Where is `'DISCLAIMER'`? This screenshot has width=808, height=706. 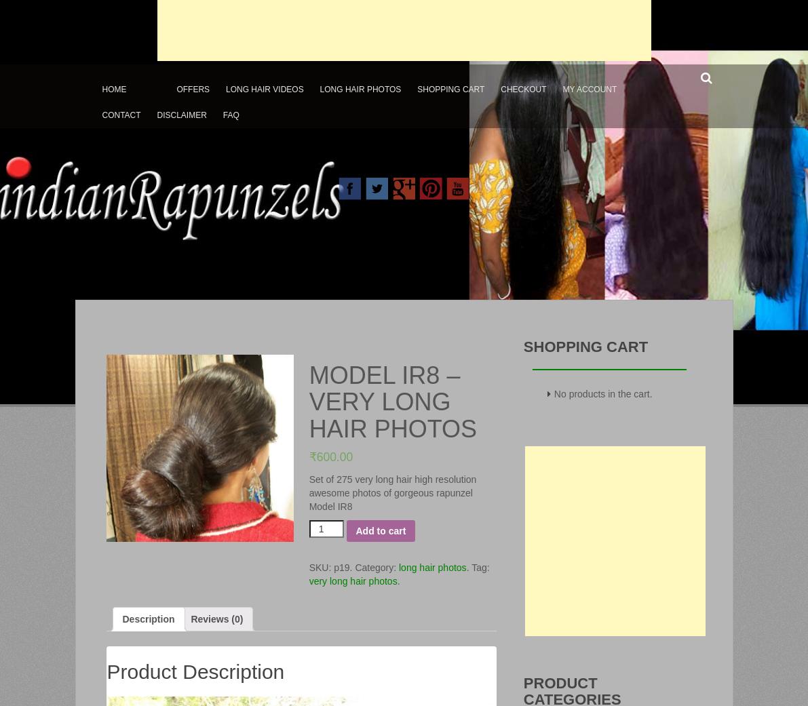
'DISCLAIMER' is located at coordinates (156, 114).